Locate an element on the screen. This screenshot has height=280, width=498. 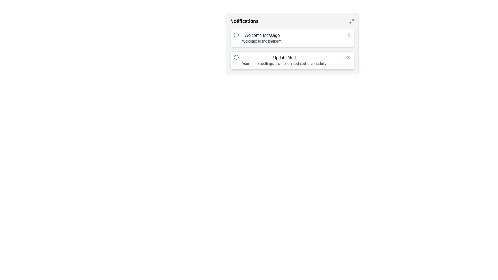
the circular badge icon with a wavy edge located to the left of the 'Welcome Message' text in the Notifications panel is located at coordinates (236, 35).